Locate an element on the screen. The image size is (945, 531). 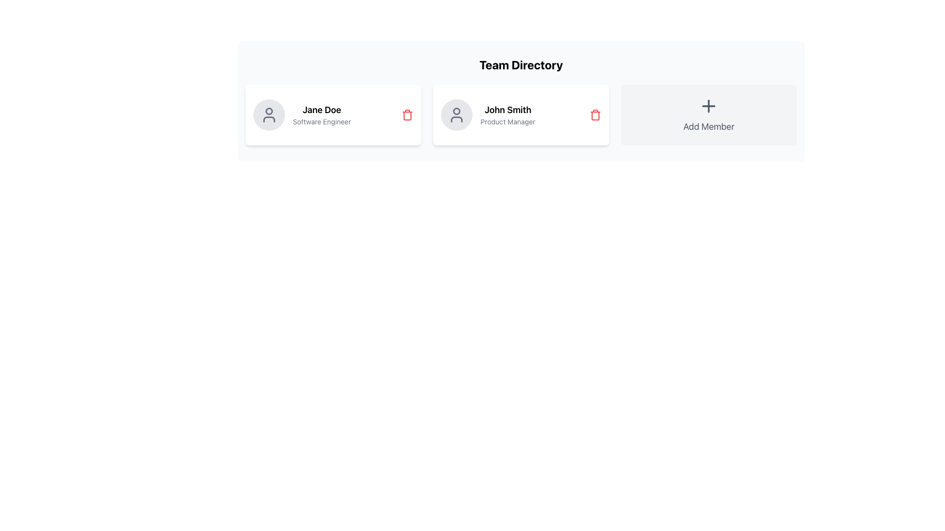
the text label indicating the purpose of the button-like card for adding a new member to the team directory, located centrally within its card on the far right of the row under the title 'Team Directory' is located at coordinates (709, 126).